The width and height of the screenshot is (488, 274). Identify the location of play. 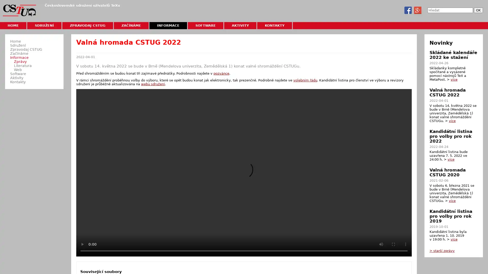
(82, 244).